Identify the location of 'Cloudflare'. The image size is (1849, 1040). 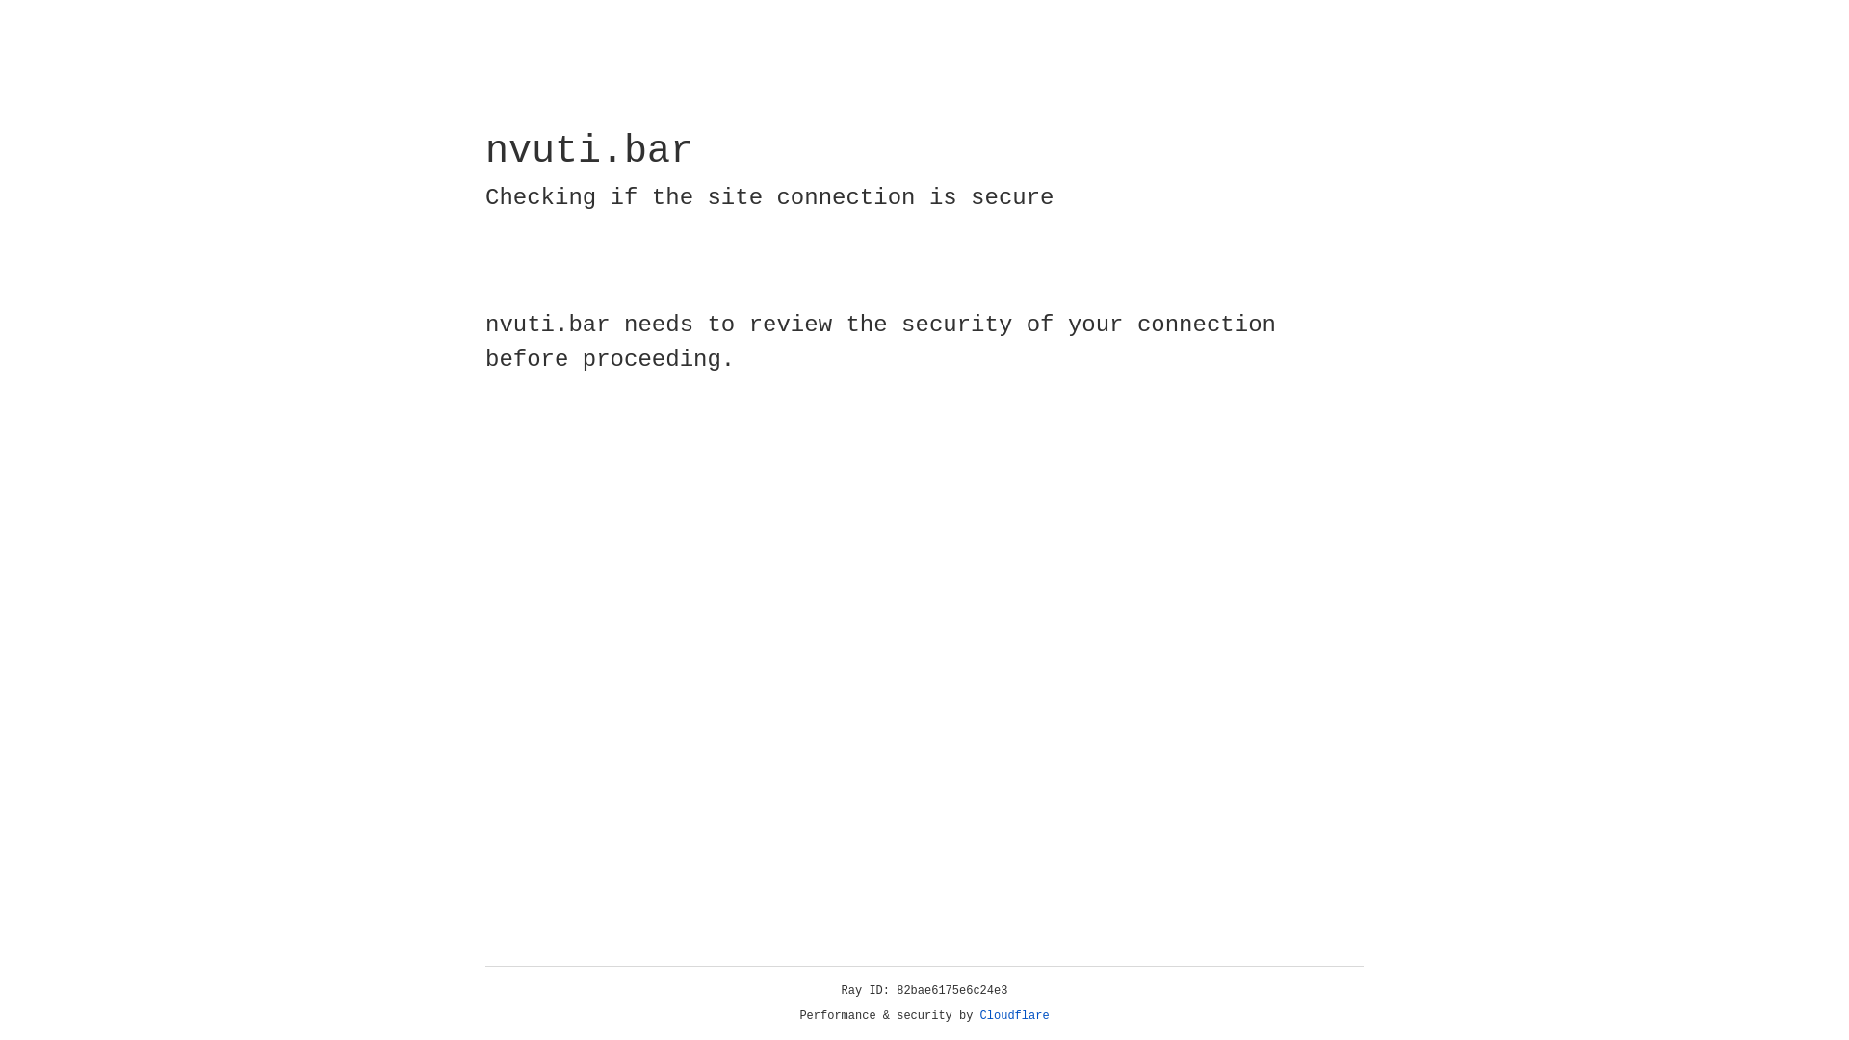
(1014, 1015).